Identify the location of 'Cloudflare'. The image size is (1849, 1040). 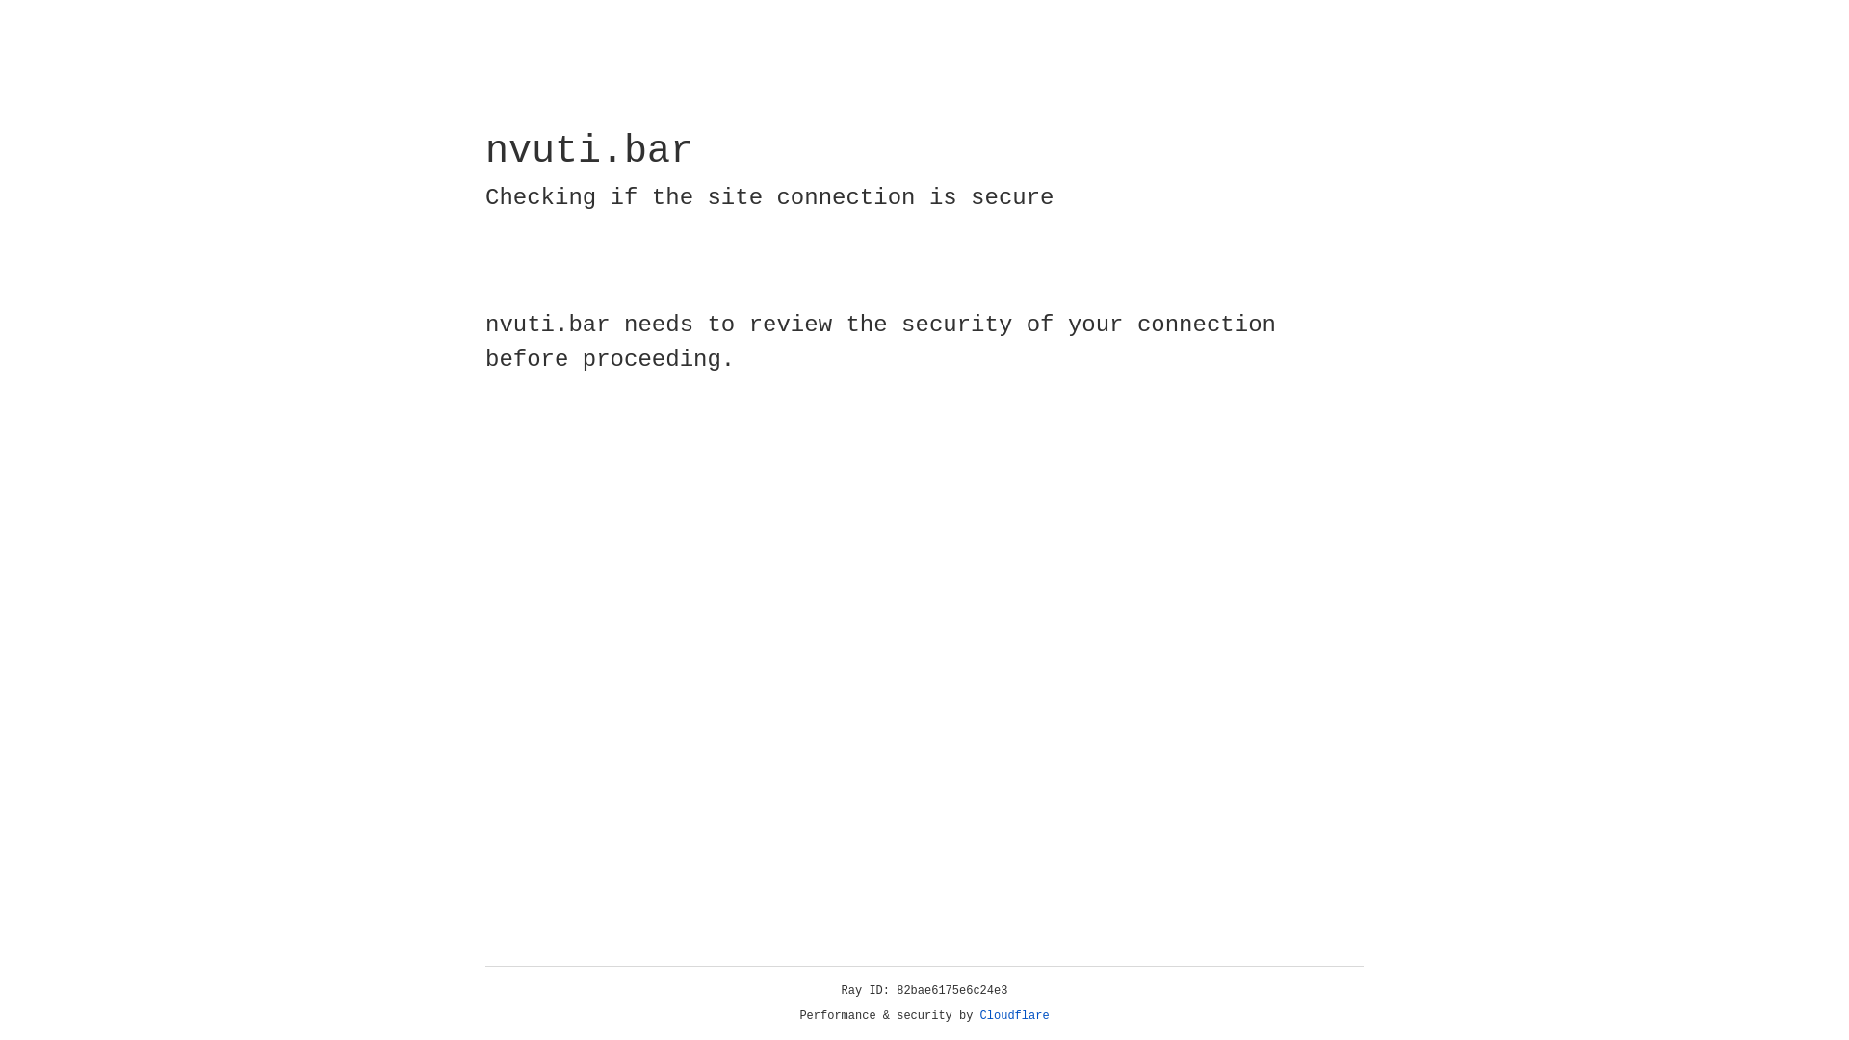
(1014, 1015).